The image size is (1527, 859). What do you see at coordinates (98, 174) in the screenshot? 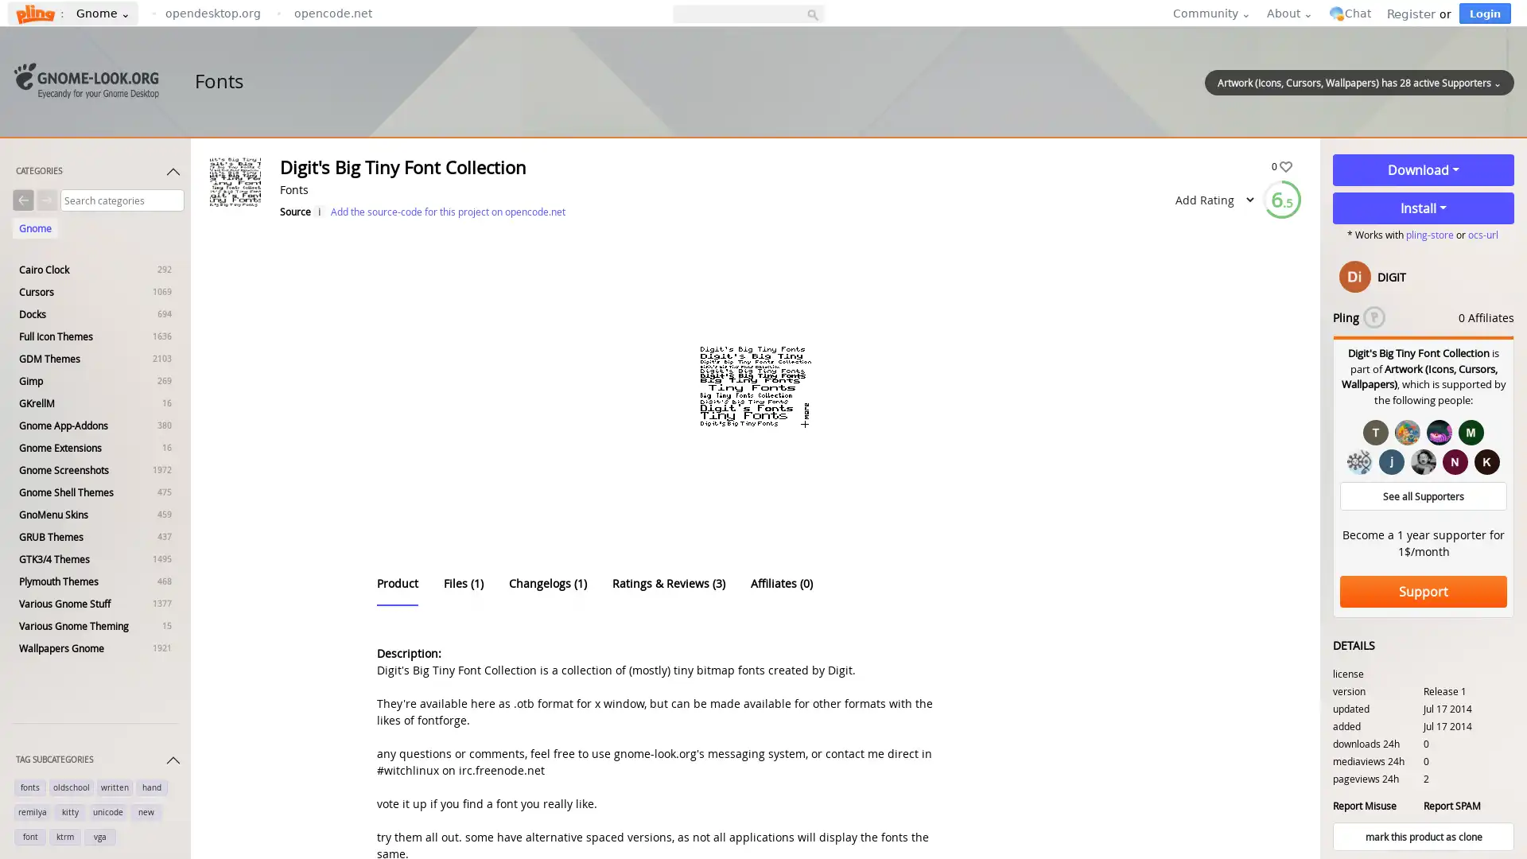
I see `CATEGORIES` at bounding box center [98, 174].